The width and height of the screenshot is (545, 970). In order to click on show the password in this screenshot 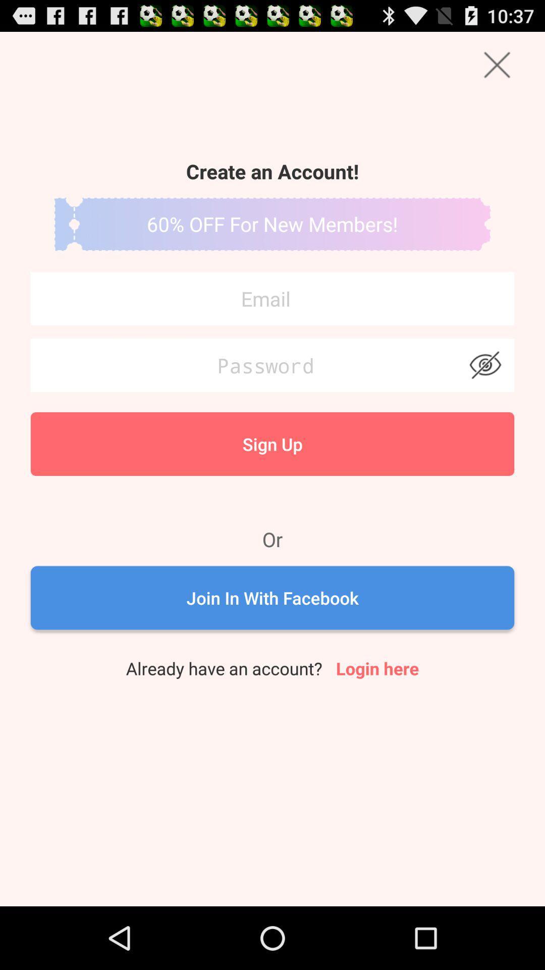, I will do `click(484, 365)`.